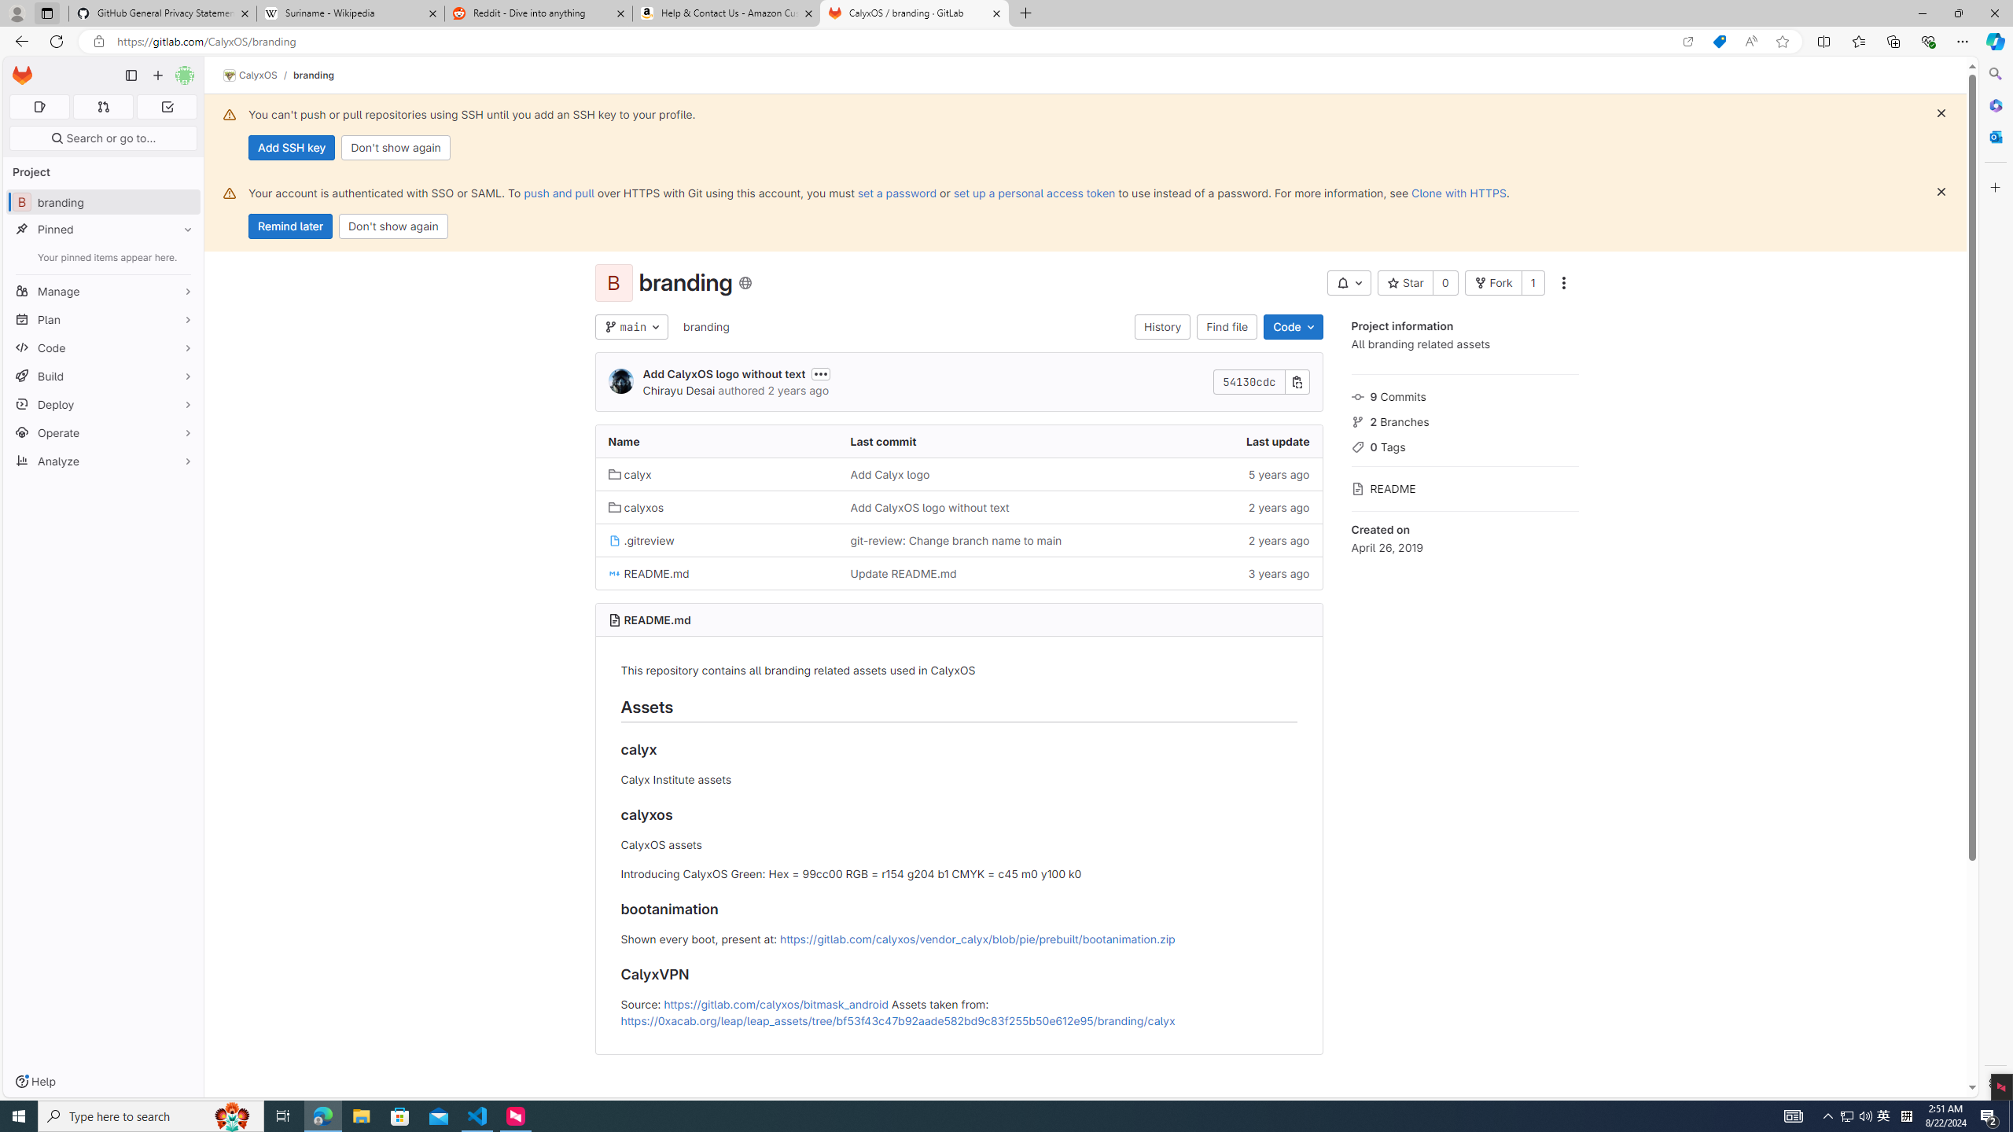 The image size is (2013, 1132). I want to click on '0', so click(1445, 283).